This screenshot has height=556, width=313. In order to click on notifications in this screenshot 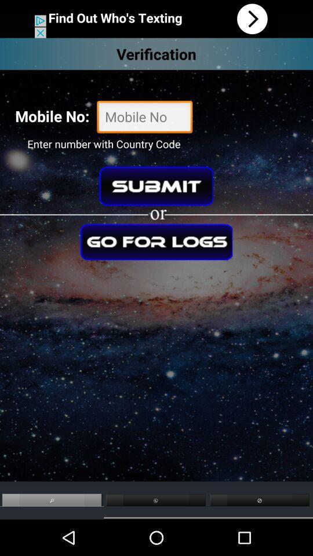, I will do `click(156, 18)`.